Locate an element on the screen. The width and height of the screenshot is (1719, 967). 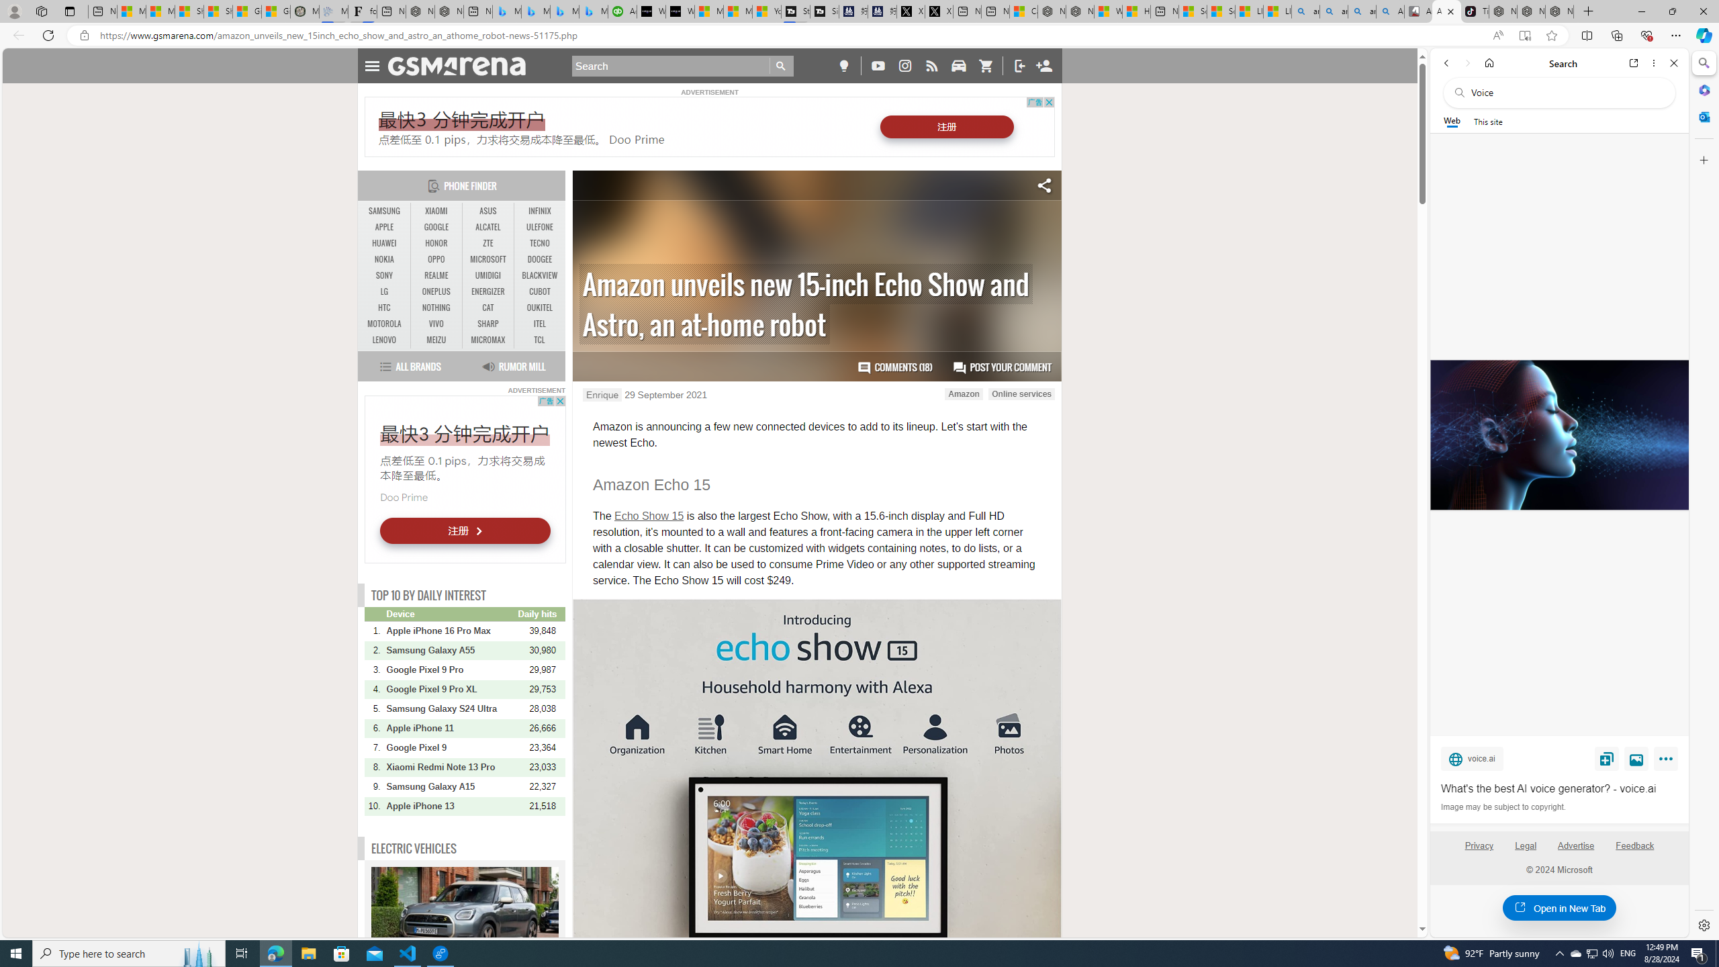
'OPPO' is located at coordinates (436, 259).